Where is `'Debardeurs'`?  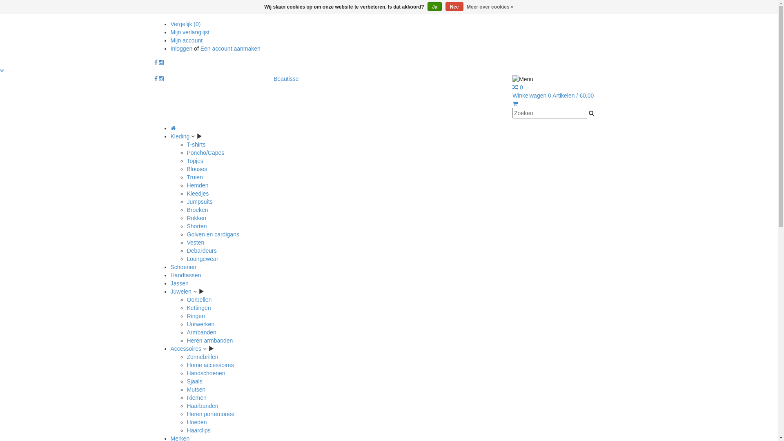 'Debardeurs' is located at coordinates (202, 250).